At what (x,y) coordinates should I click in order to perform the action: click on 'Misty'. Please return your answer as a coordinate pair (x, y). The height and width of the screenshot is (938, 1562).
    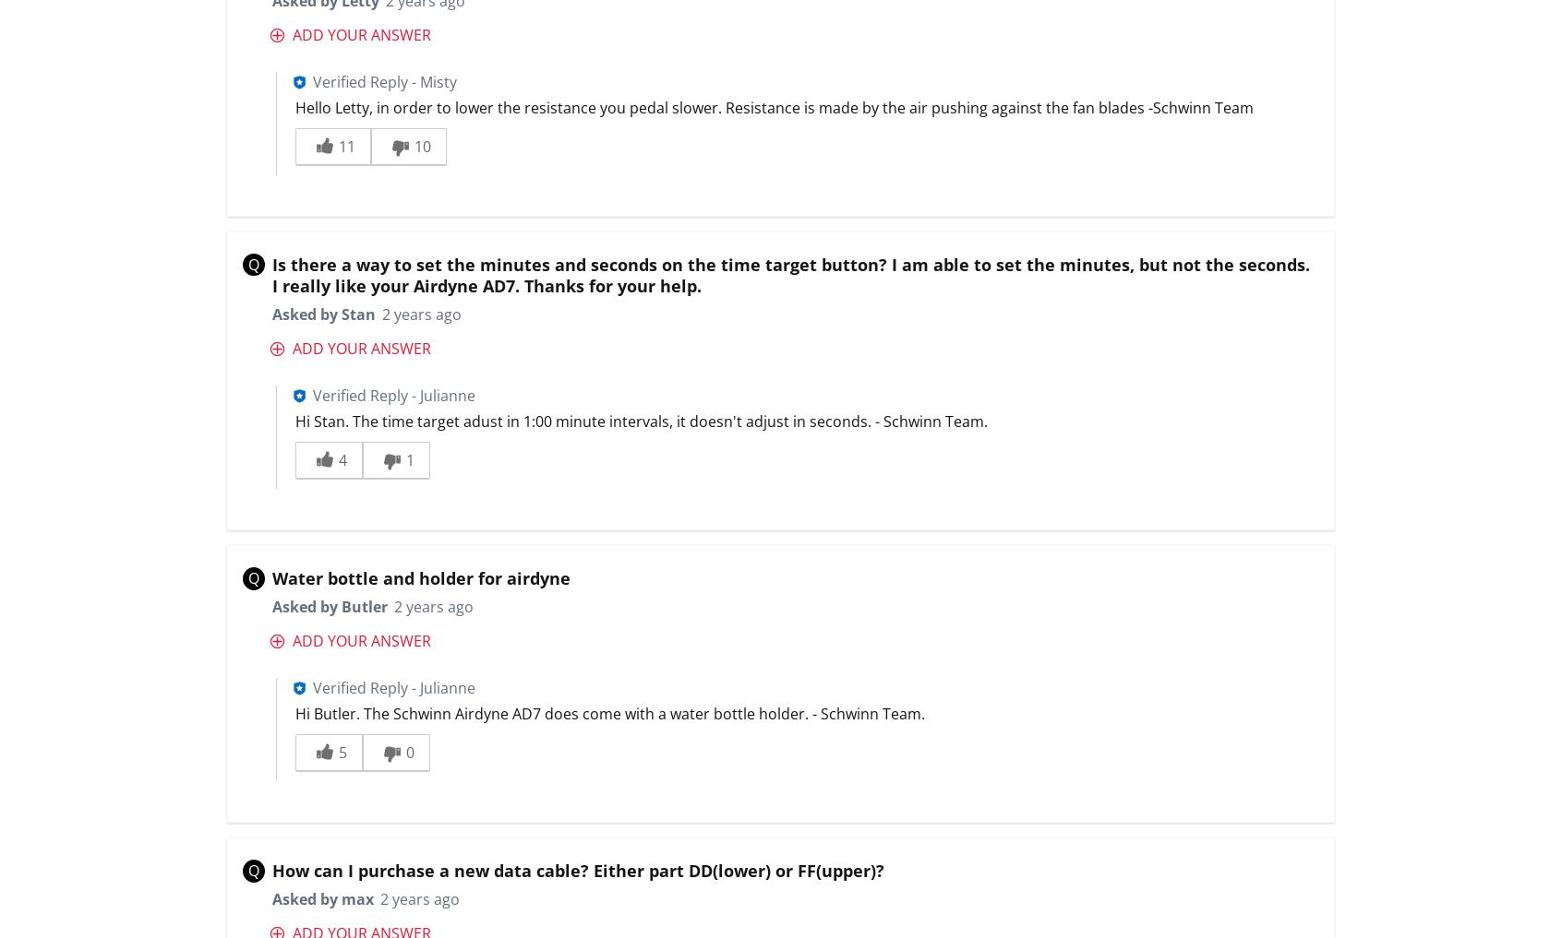
    Looking at the image, I should click on (437, 80).